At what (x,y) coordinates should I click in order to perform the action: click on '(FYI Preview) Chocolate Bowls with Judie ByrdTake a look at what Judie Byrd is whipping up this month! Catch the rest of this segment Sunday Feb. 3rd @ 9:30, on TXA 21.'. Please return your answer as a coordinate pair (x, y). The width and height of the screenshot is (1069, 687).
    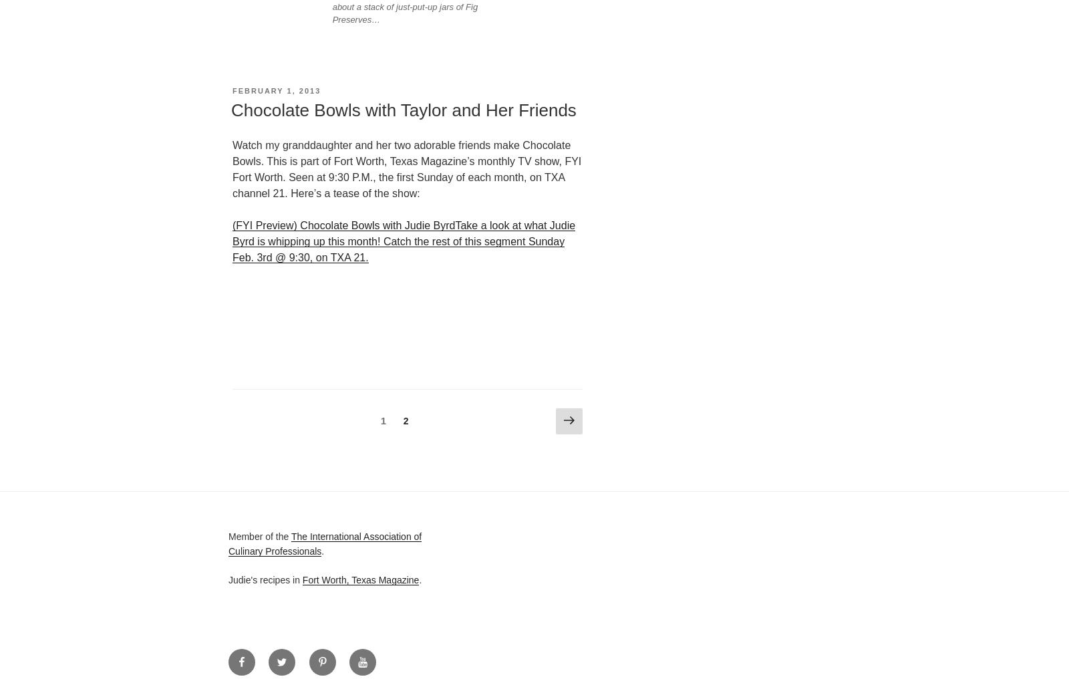
    Looking at the image, I should click on (404, 241).